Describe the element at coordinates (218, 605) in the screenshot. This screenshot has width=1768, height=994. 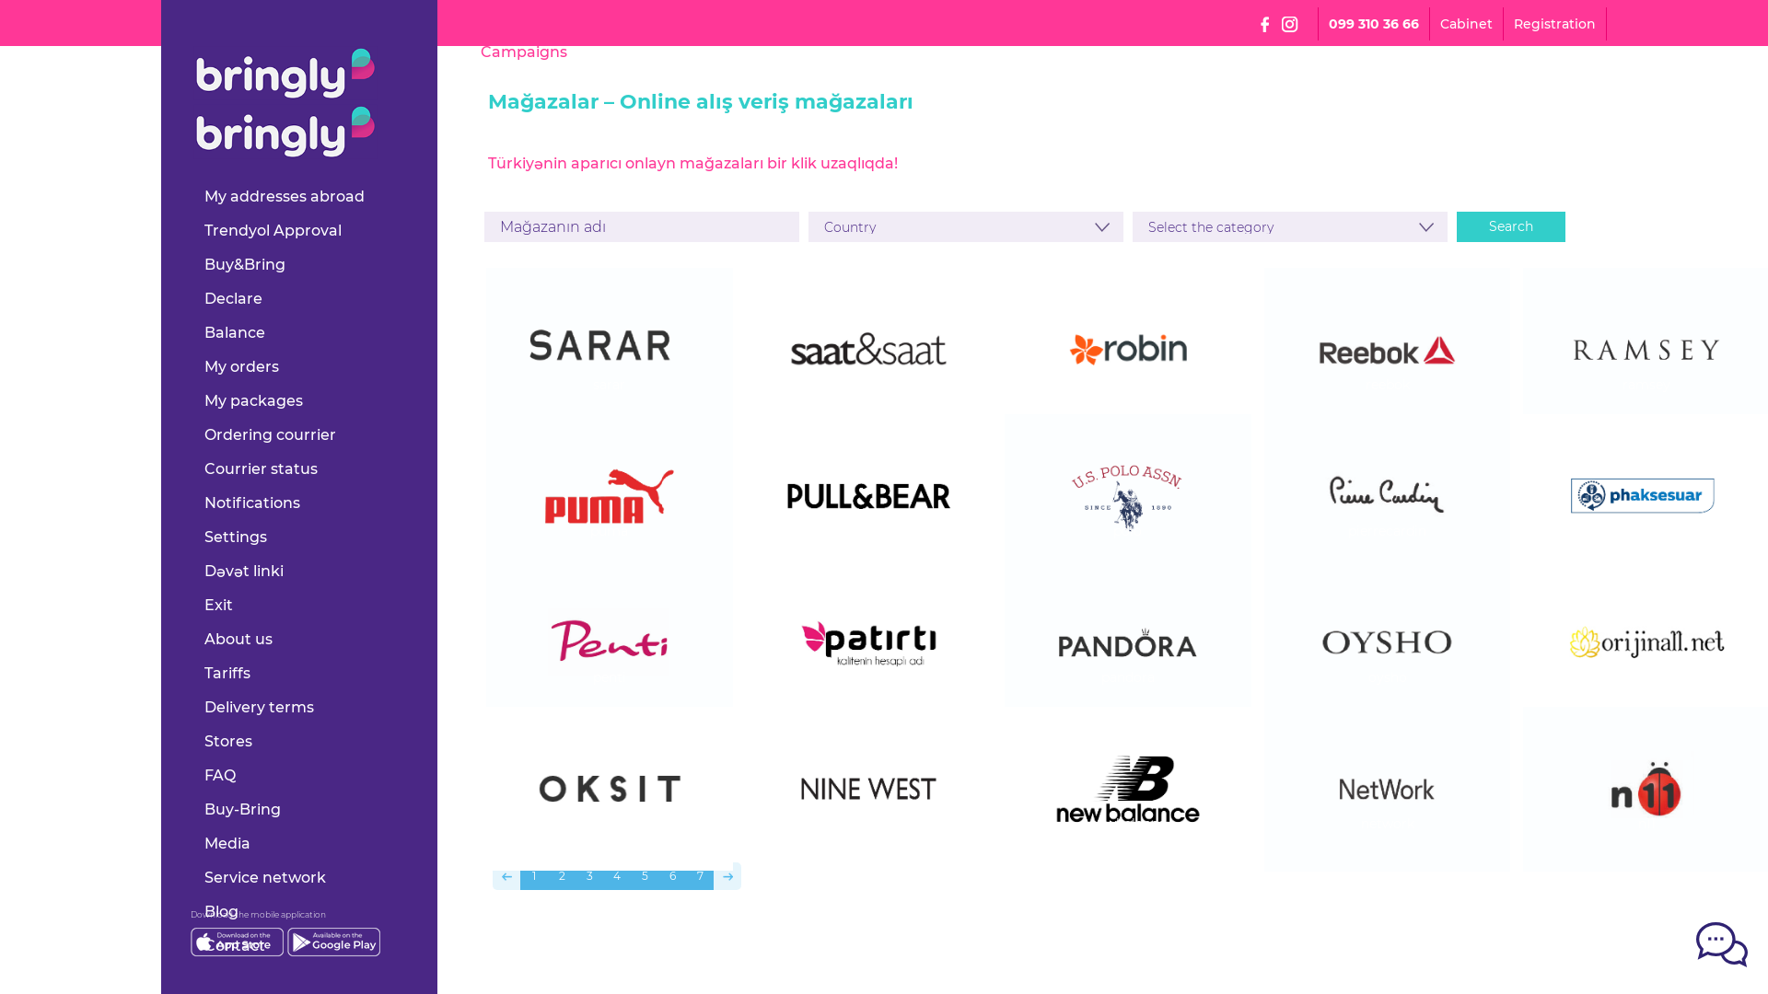
I see `'Exit'` at that location.